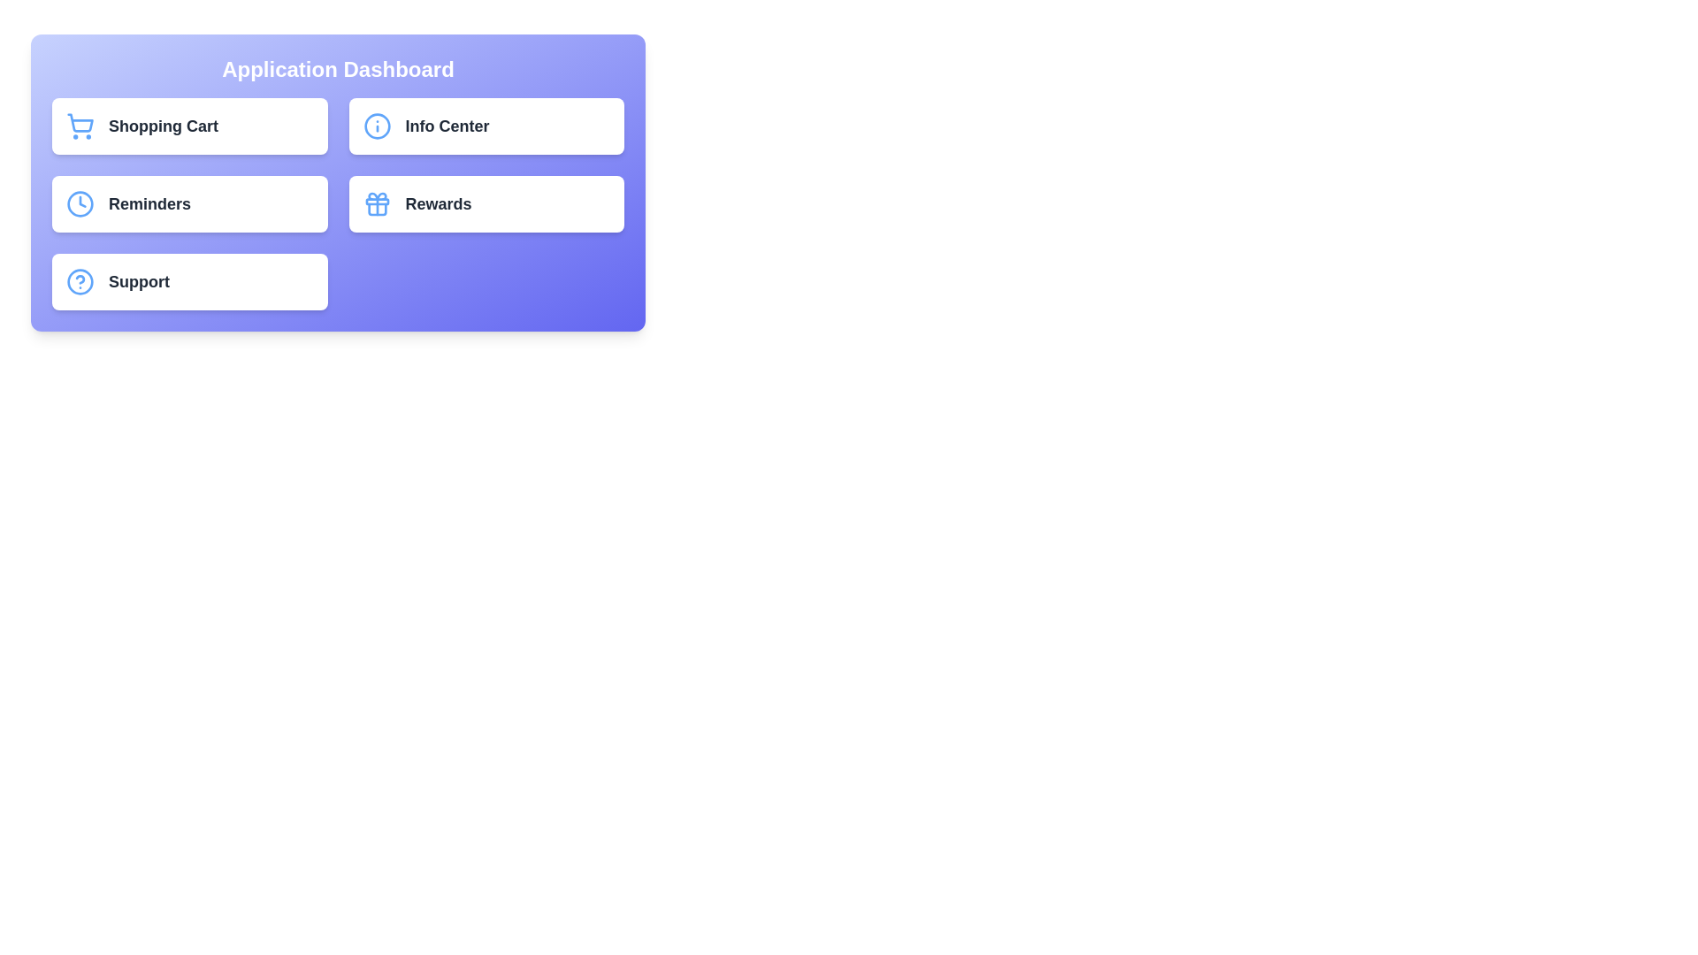  I want to click on the illustrative SVG element that represents the reward or gift box icon located in the 'Rewards' section of the application dashboard, so click(376, 201).